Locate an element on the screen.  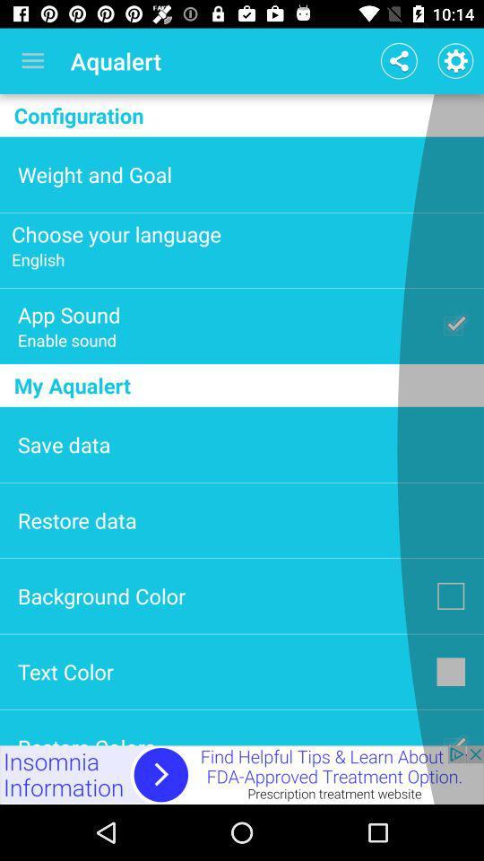
more information about an advertisement is located at coordinates (242, 774).